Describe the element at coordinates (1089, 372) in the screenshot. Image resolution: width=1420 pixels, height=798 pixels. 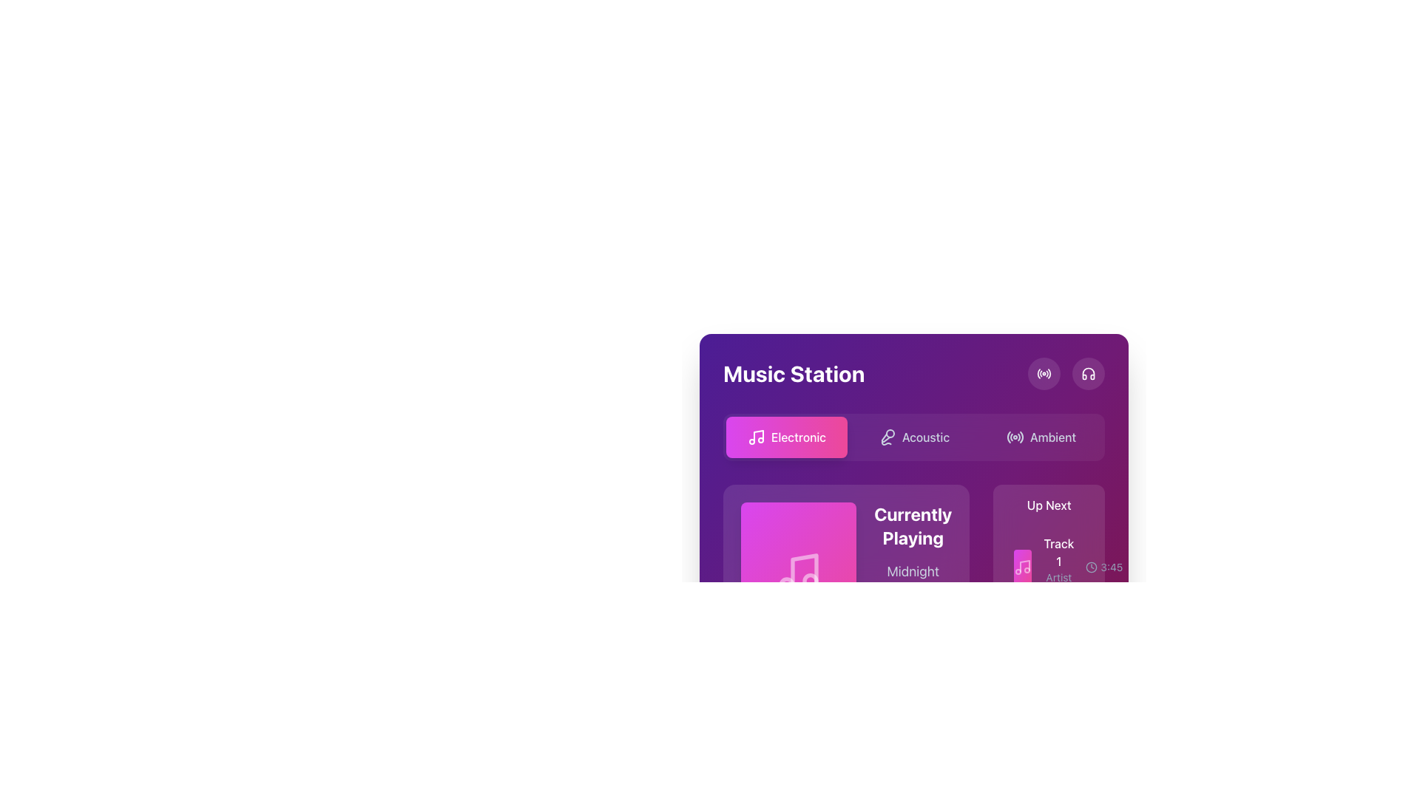
I see `the headphones icon located in the top-right corner of the interface` at that location.